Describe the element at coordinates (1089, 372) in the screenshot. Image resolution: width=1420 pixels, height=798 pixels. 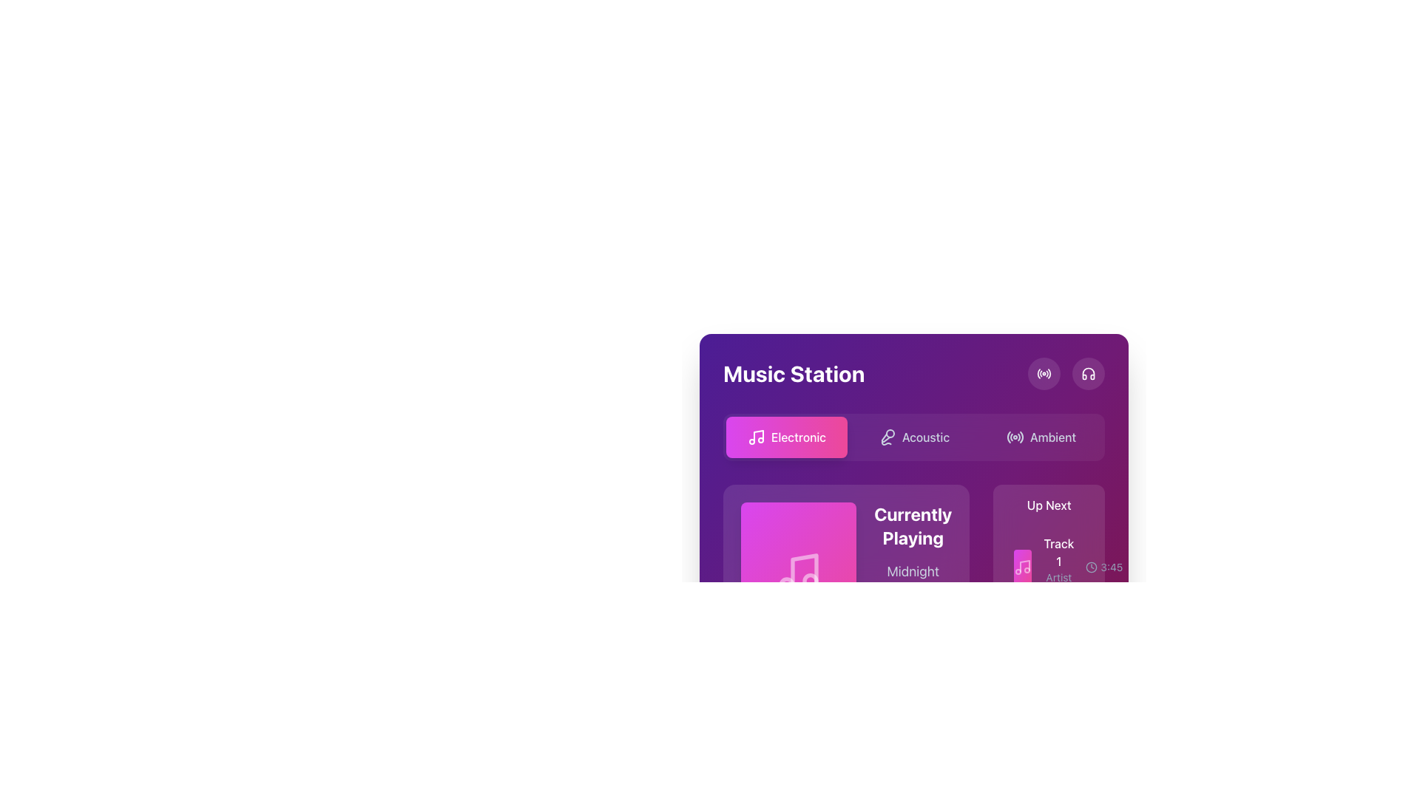
I see `the headphones icon located in the top-right corner of the interface` at that location.